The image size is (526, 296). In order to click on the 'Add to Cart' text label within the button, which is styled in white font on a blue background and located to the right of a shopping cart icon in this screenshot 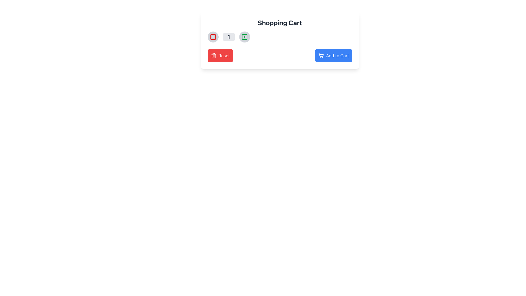, I will do `click(337, 56)`.